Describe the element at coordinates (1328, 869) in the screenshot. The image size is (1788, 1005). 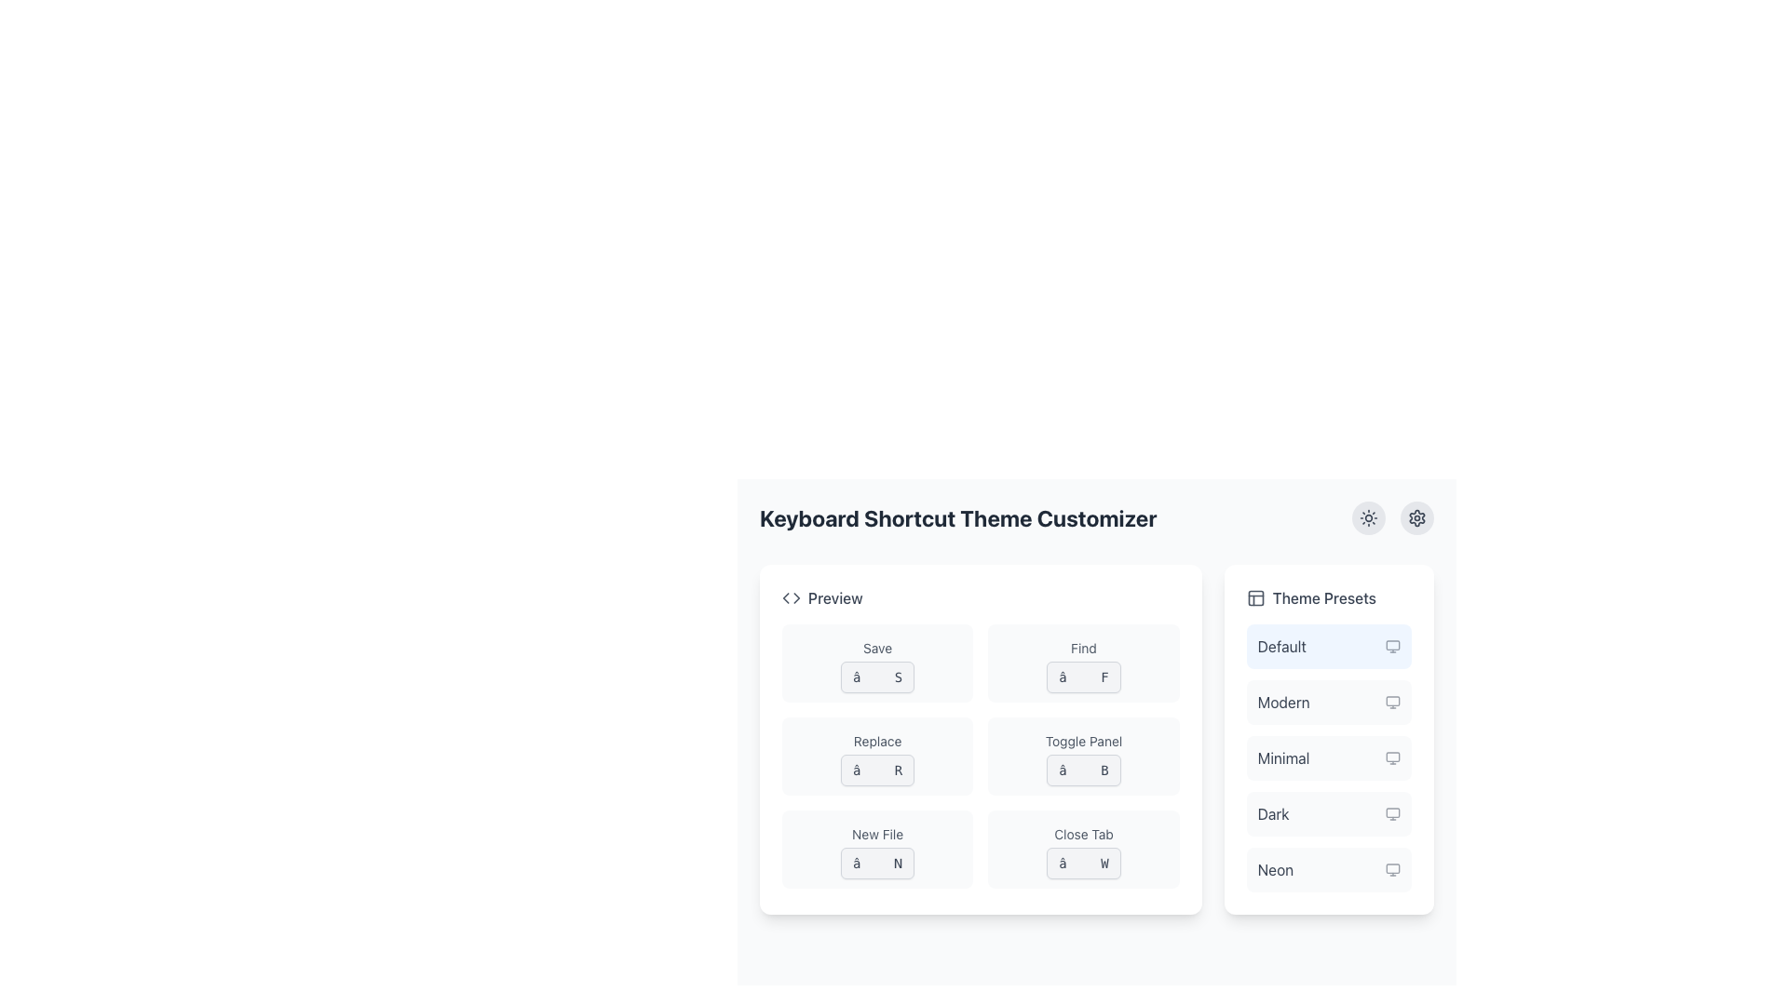
I see `the 'Neon' button in the Selectable List Item within the 'Theme Presets' section` at that location.